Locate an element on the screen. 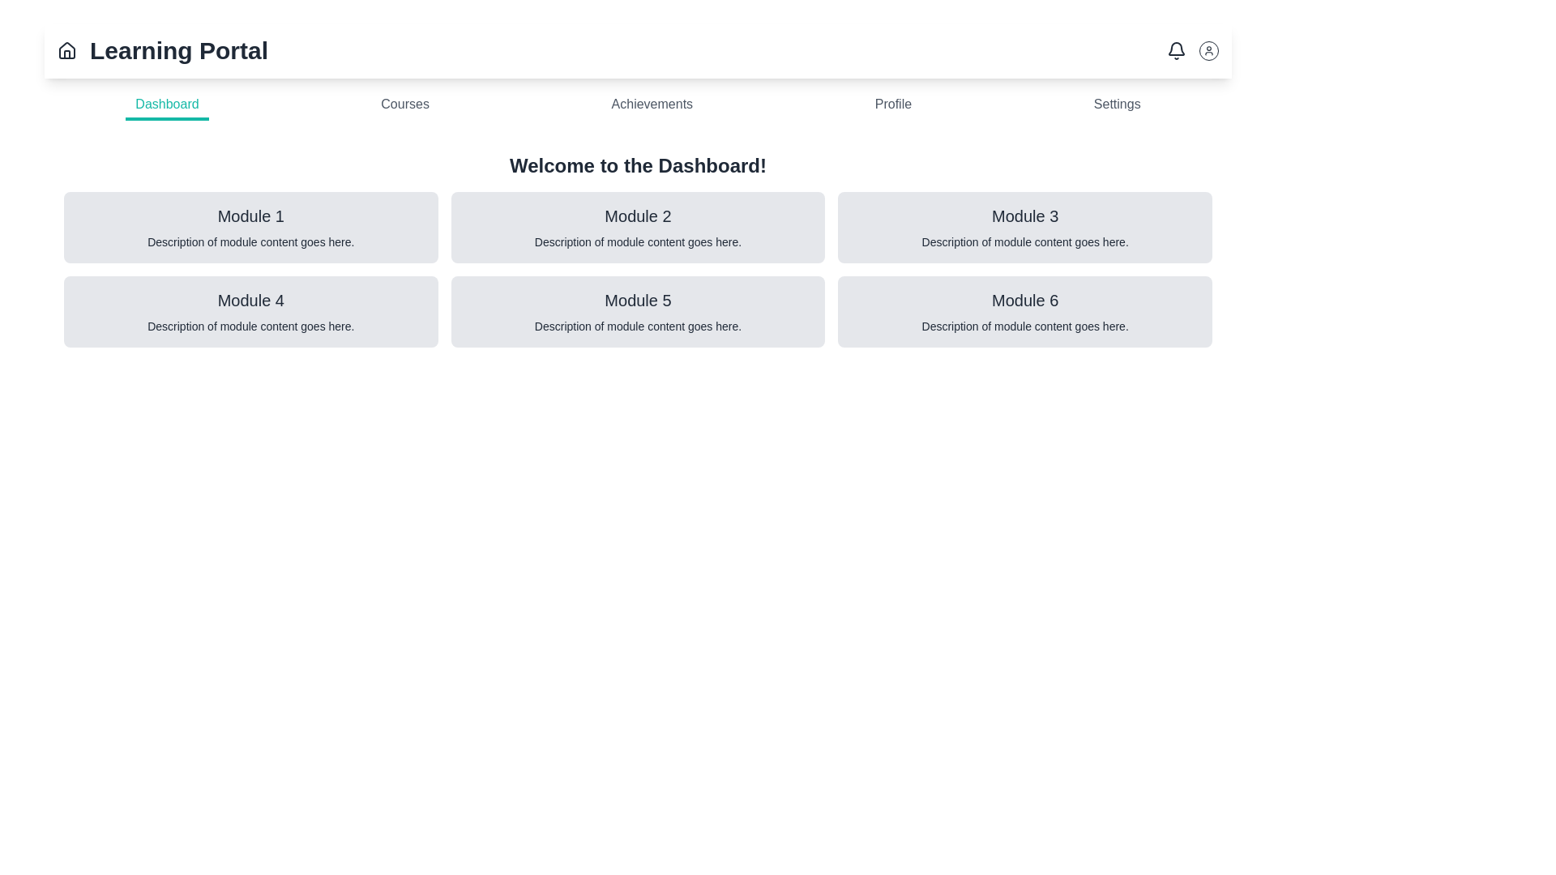 Image resolution: width=1556 pixels, height=875 pixels. the text element displaying 'Description of module content goes here.' which is located below the title 'Module 2' is located at coordinates (637, 242).